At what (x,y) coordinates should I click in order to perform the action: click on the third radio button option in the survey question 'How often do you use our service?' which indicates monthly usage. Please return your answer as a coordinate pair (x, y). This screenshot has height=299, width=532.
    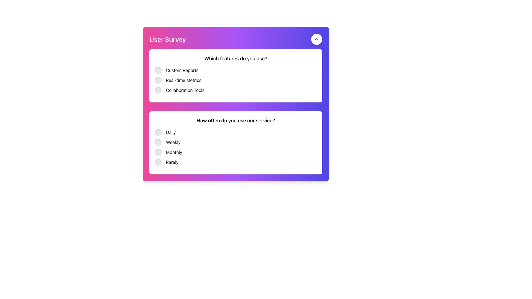
    Looking at the image, I should click on (236, 152).